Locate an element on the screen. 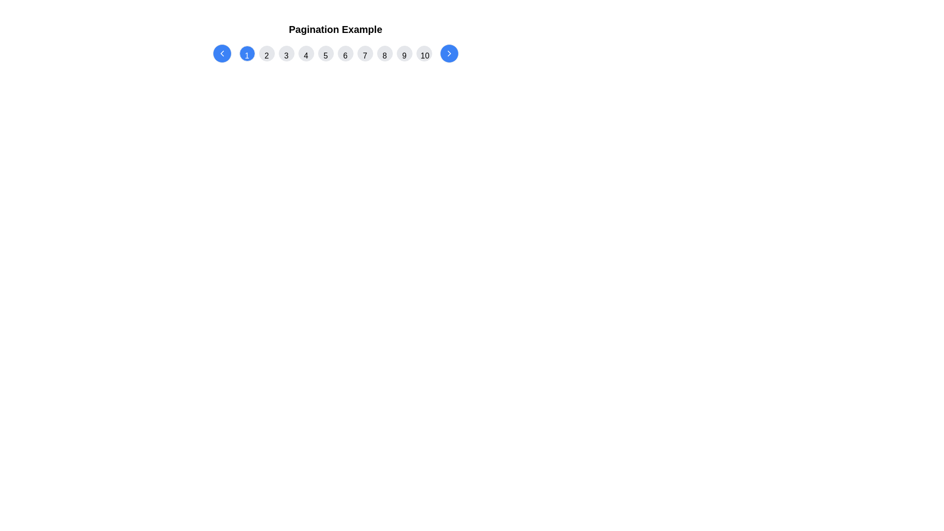 The image size is (944, 531). the sixth button in the pagination control is located at coordinates (345, 53).